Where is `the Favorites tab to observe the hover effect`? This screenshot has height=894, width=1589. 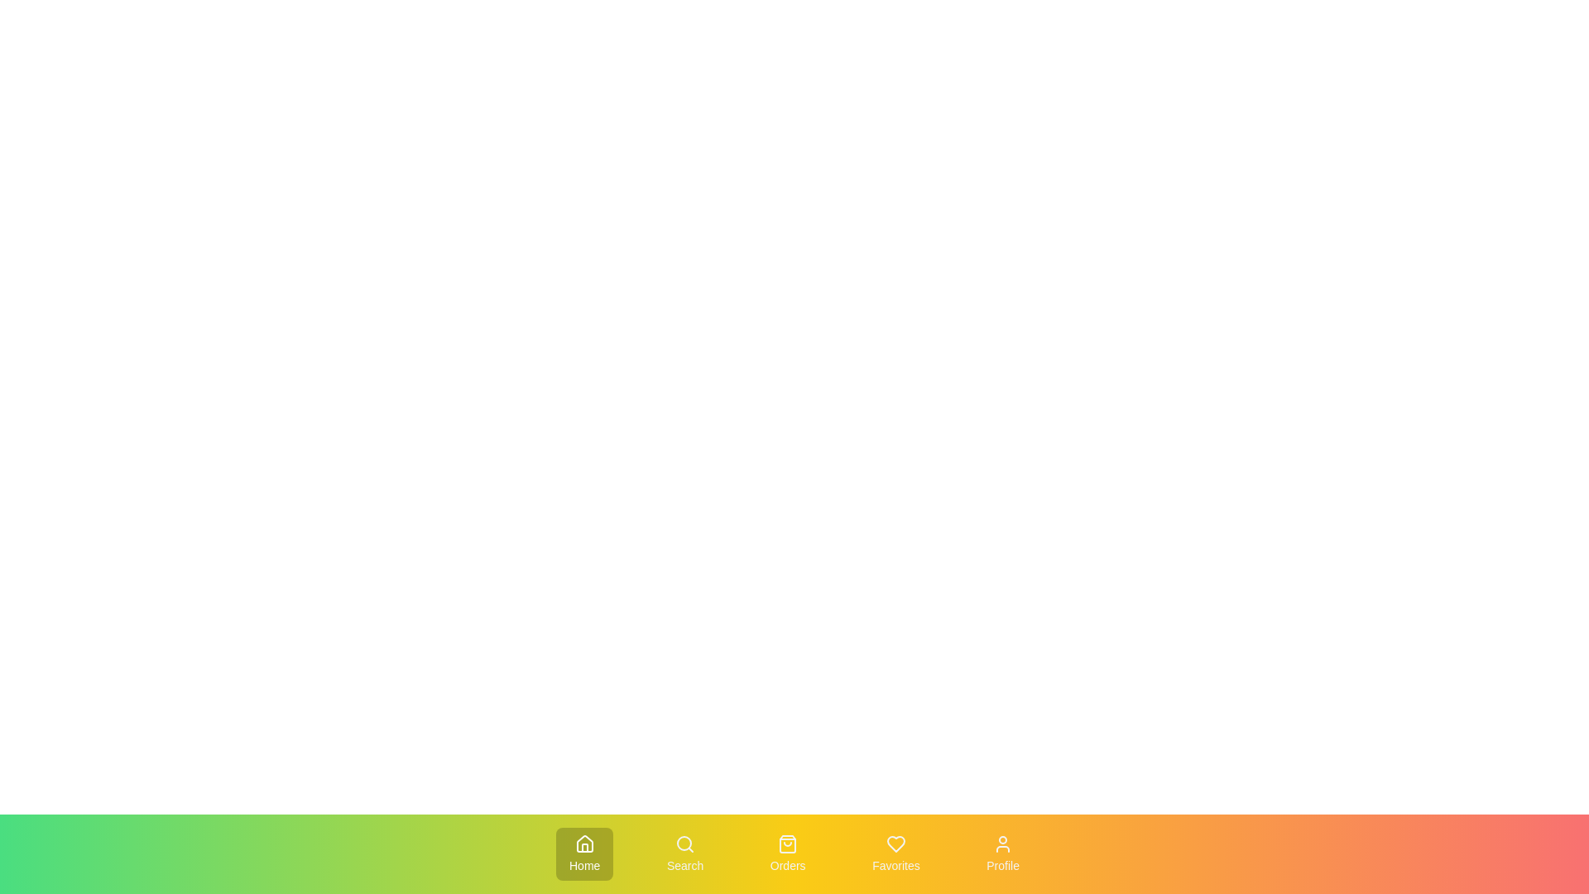 the Favorites tab to observe the hover effect is located at coordinates (895, 854).